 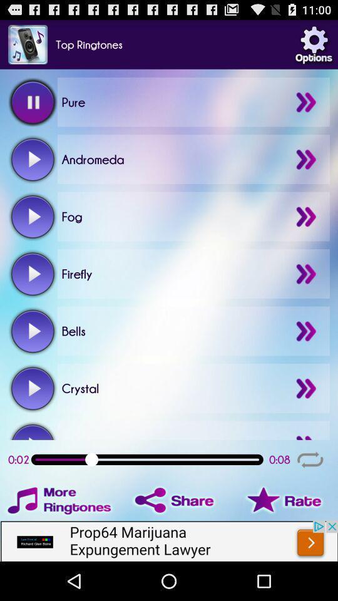 What do you see at coordinates (313, 47) in the screenshot?
I see `the settings icon` at bounding box center [313, 47].